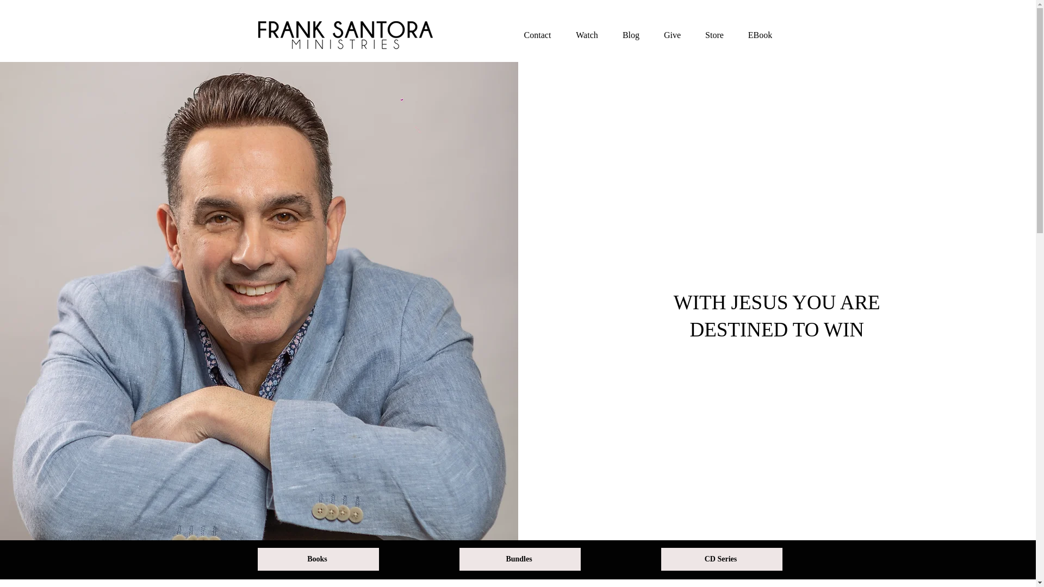 The width and height of the screenshot is (1044, 587). I want to click on 'Give', so click(672, 35).